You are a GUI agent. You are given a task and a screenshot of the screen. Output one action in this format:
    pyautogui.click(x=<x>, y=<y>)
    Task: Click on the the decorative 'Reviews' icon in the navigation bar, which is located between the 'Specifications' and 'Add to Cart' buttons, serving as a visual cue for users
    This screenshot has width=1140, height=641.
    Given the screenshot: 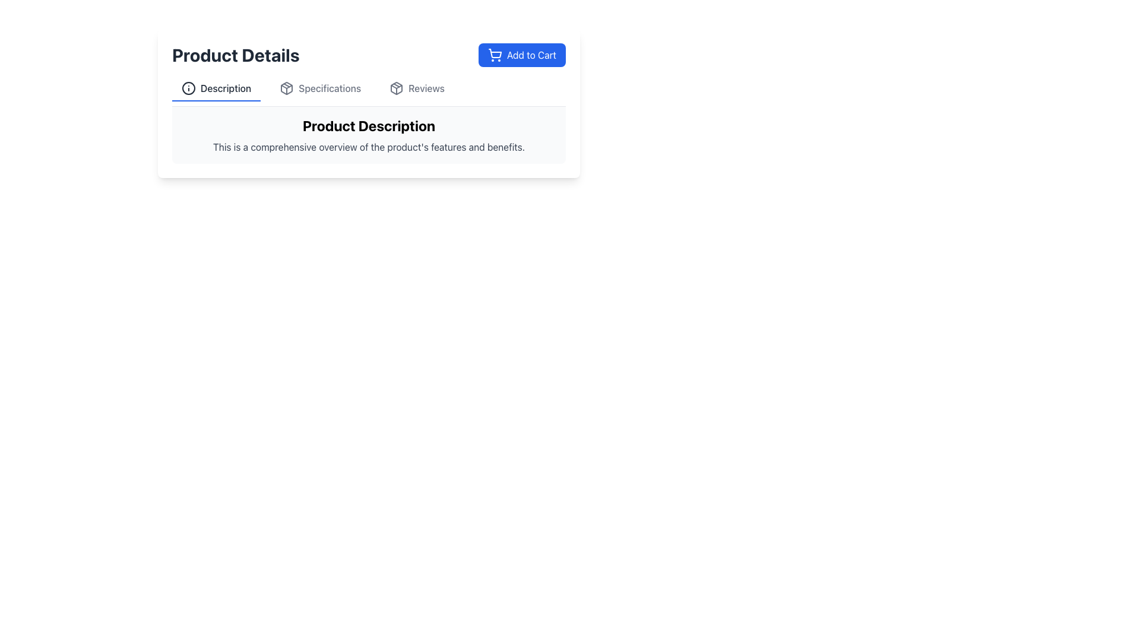 What is the action you would take?
    pyautogui.click(x=397, y=88)
    